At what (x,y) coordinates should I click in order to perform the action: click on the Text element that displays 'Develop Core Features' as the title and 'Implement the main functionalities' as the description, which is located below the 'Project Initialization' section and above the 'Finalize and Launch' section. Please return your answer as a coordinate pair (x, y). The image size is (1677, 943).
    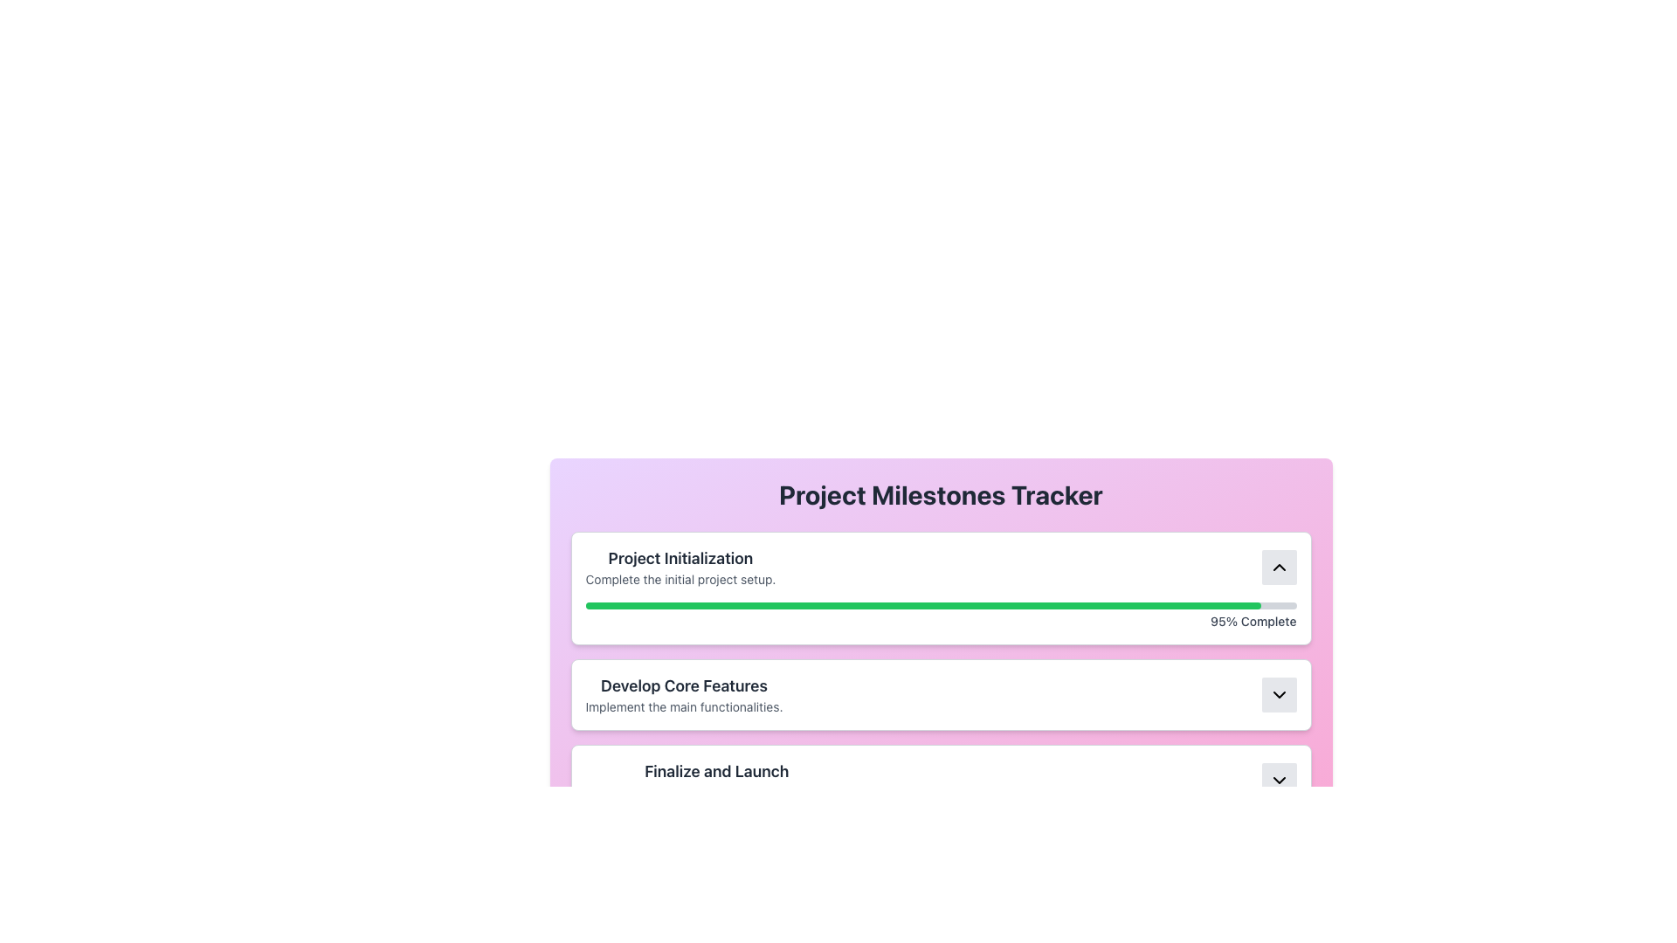
    Looking at the image, I should click on (683, 693).